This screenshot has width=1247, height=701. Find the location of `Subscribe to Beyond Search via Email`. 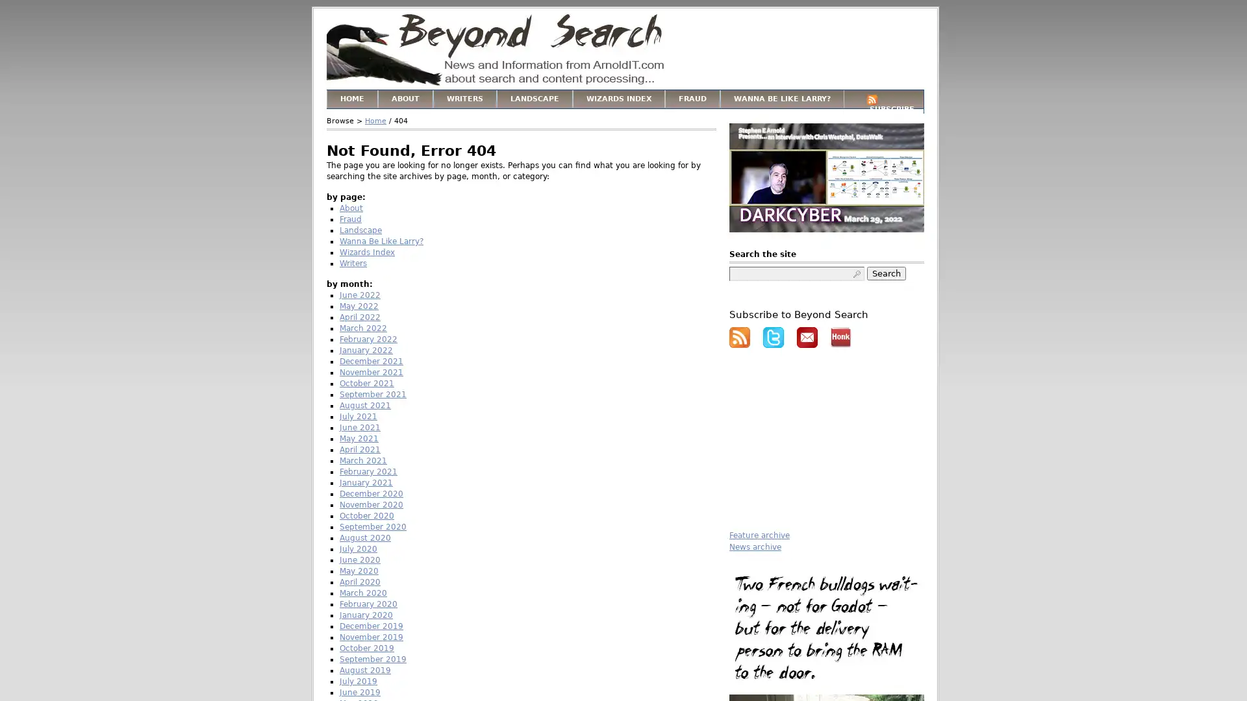

Subscribe to Beyond Search via Email is located at coordinates (807, 337).